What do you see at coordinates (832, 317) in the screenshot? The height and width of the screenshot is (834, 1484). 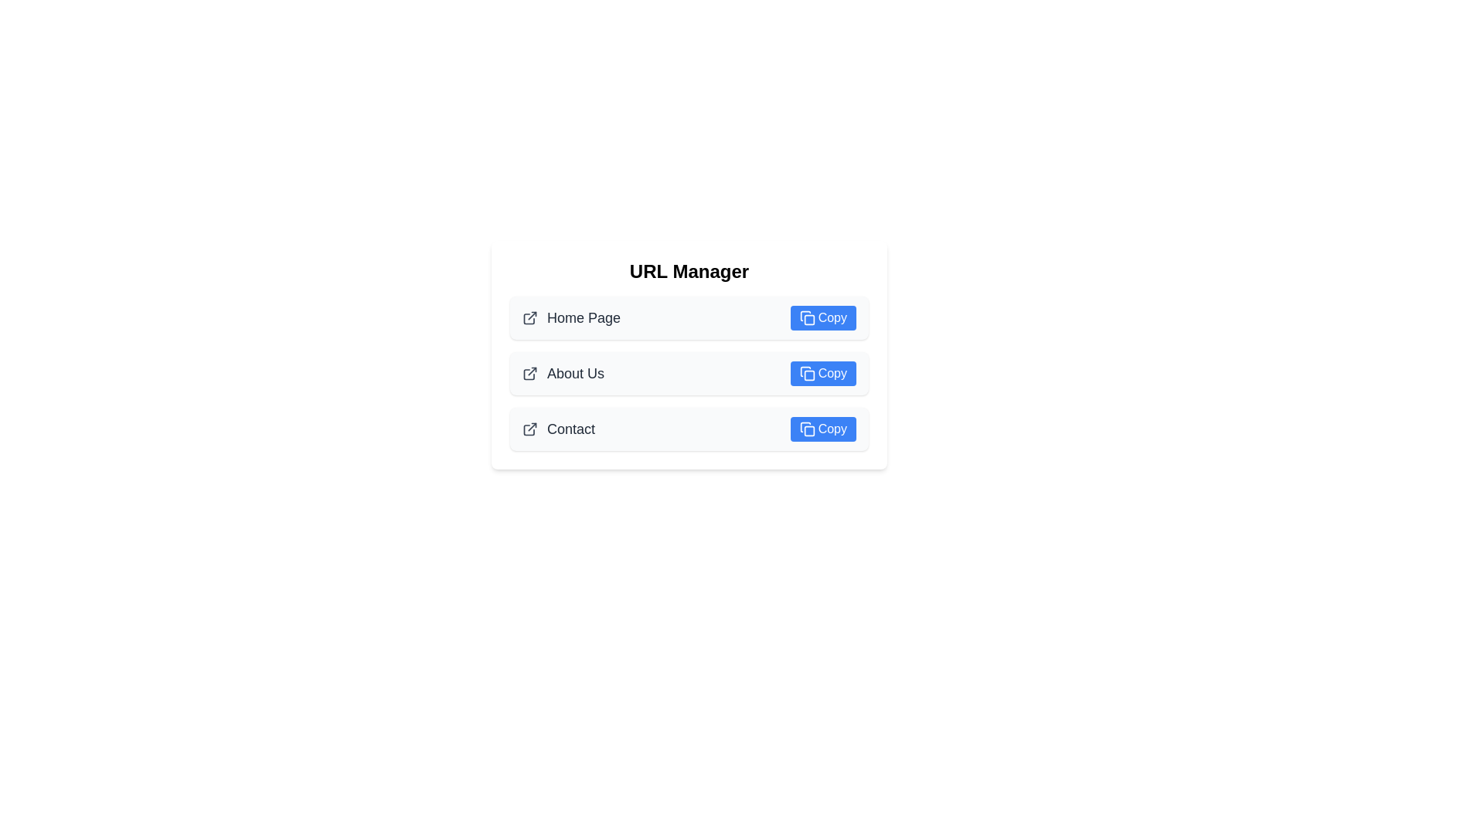 I see `the 'Copy' text label within the button using tab navigation` at bounding box center [832, 317].